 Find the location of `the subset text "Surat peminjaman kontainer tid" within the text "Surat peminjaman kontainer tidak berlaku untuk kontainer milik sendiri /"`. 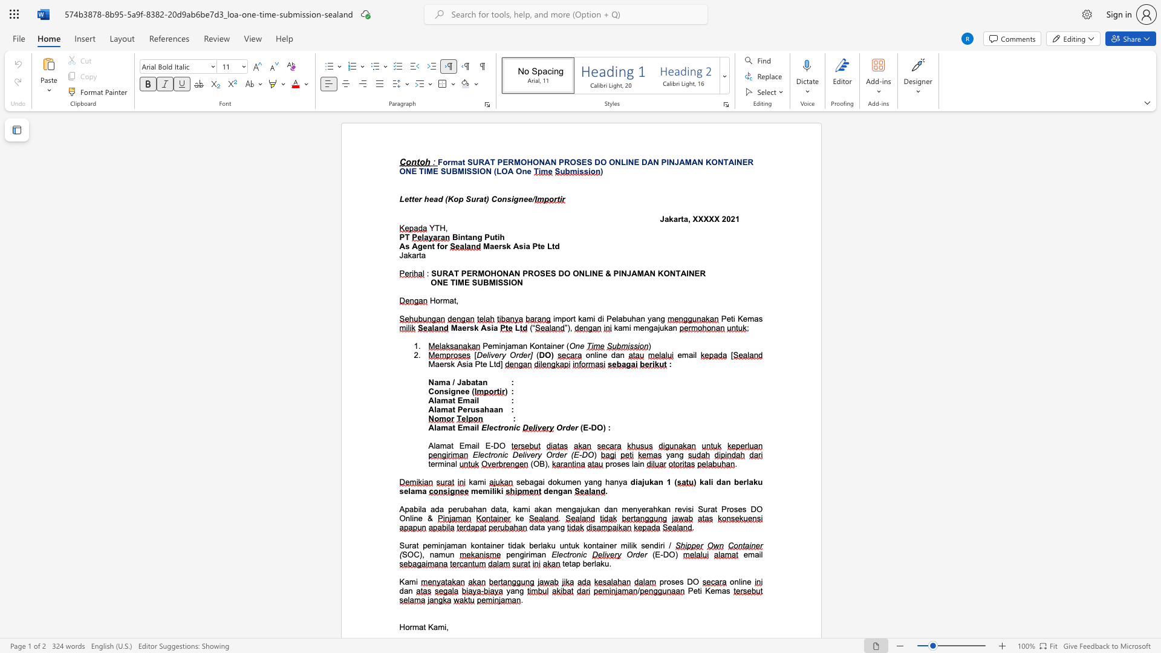

the subset text "Surat peminjaman kontainer tid" within the text "Surat peminjaman kontainer tidak berlaku untuk kontainer milik sendiri /" is located at coordinates (399, 545).